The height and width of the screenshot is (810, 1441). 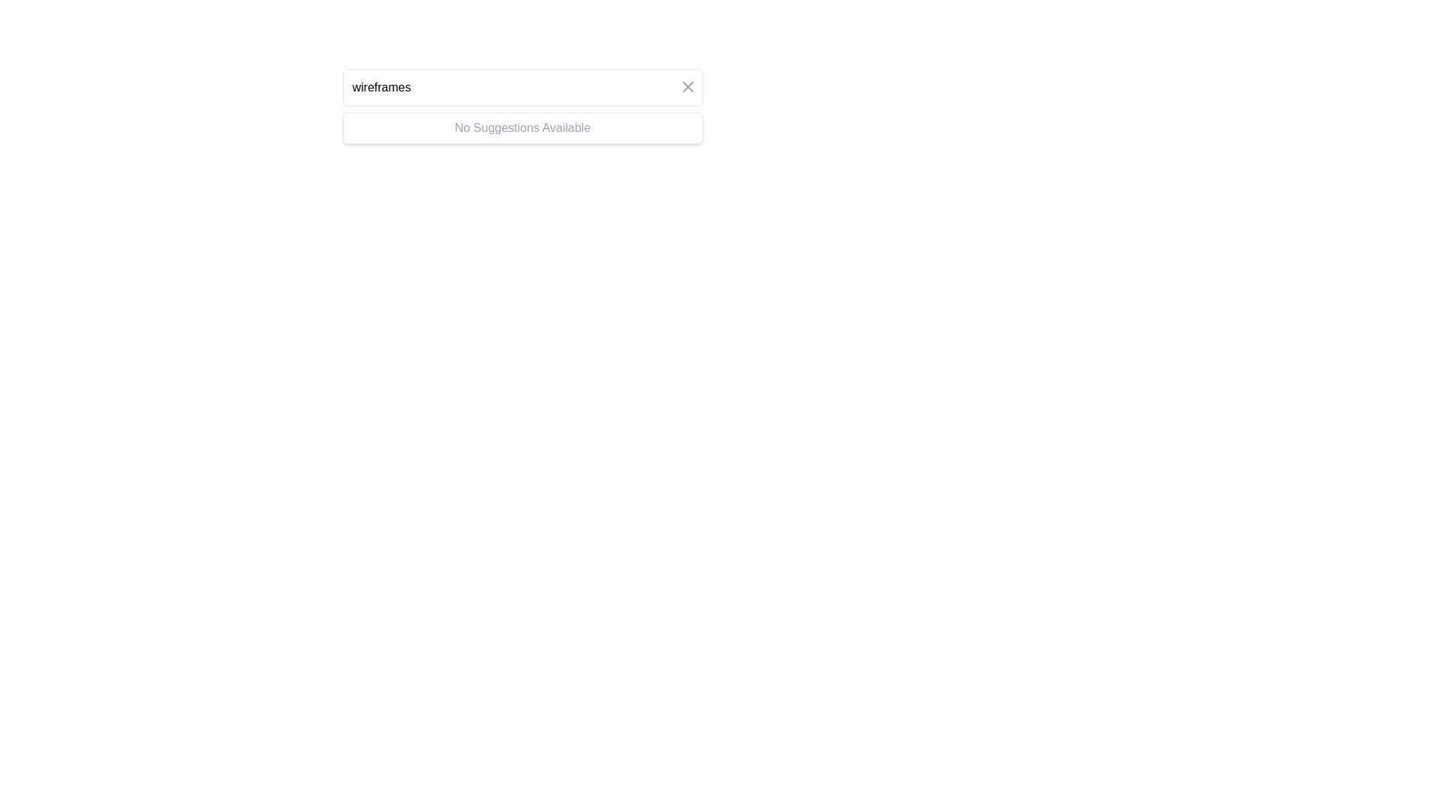 I want to click on the clear or delete button (icon-based) located at the top-right corner of the text input field with the placeholder 'wireframes', so click(x=687, y=86).